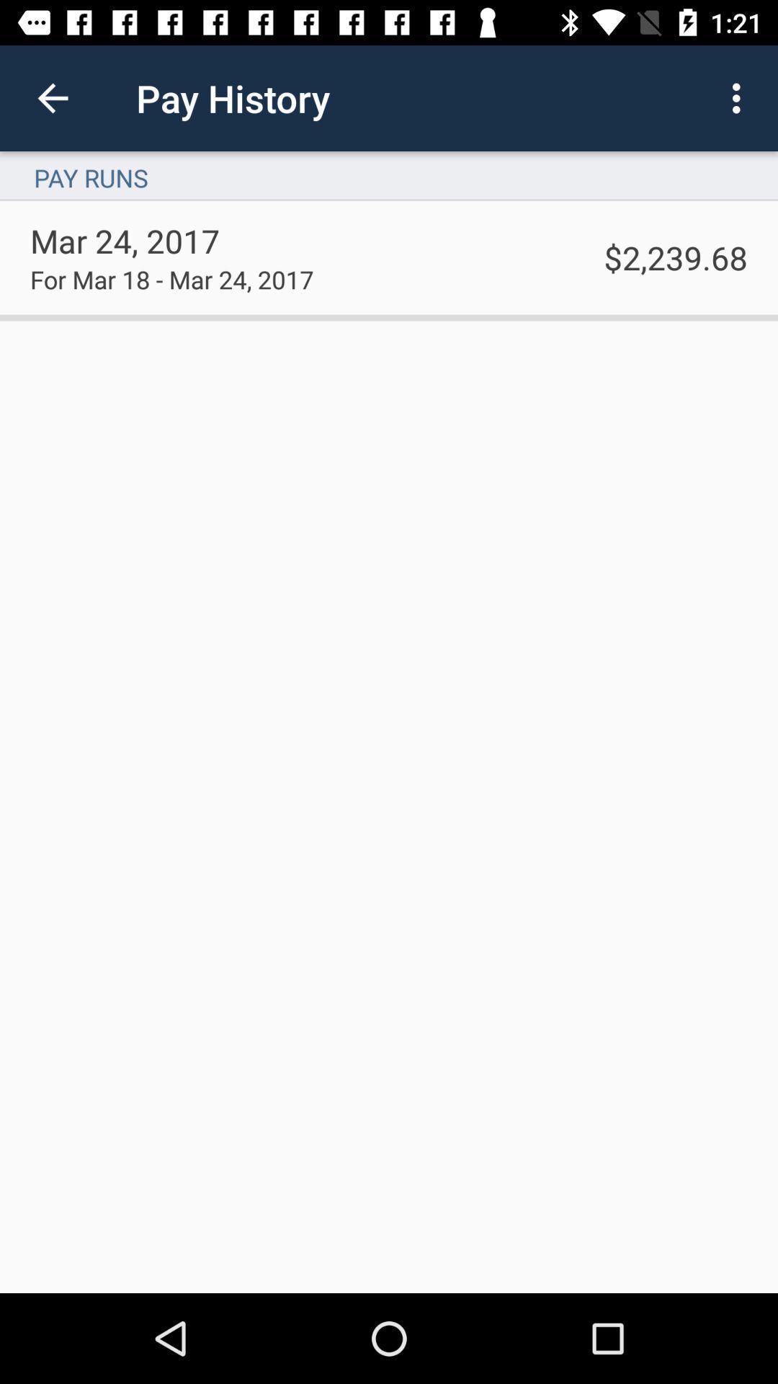 This screenshot has width=778, height=1384. I want to click on $2,239.68 icon, so click(676, 257).